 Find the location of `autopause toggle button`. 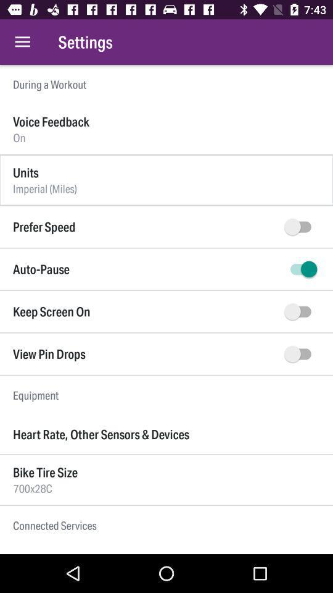

autopause toggle button is located at coordinates (300, 269).